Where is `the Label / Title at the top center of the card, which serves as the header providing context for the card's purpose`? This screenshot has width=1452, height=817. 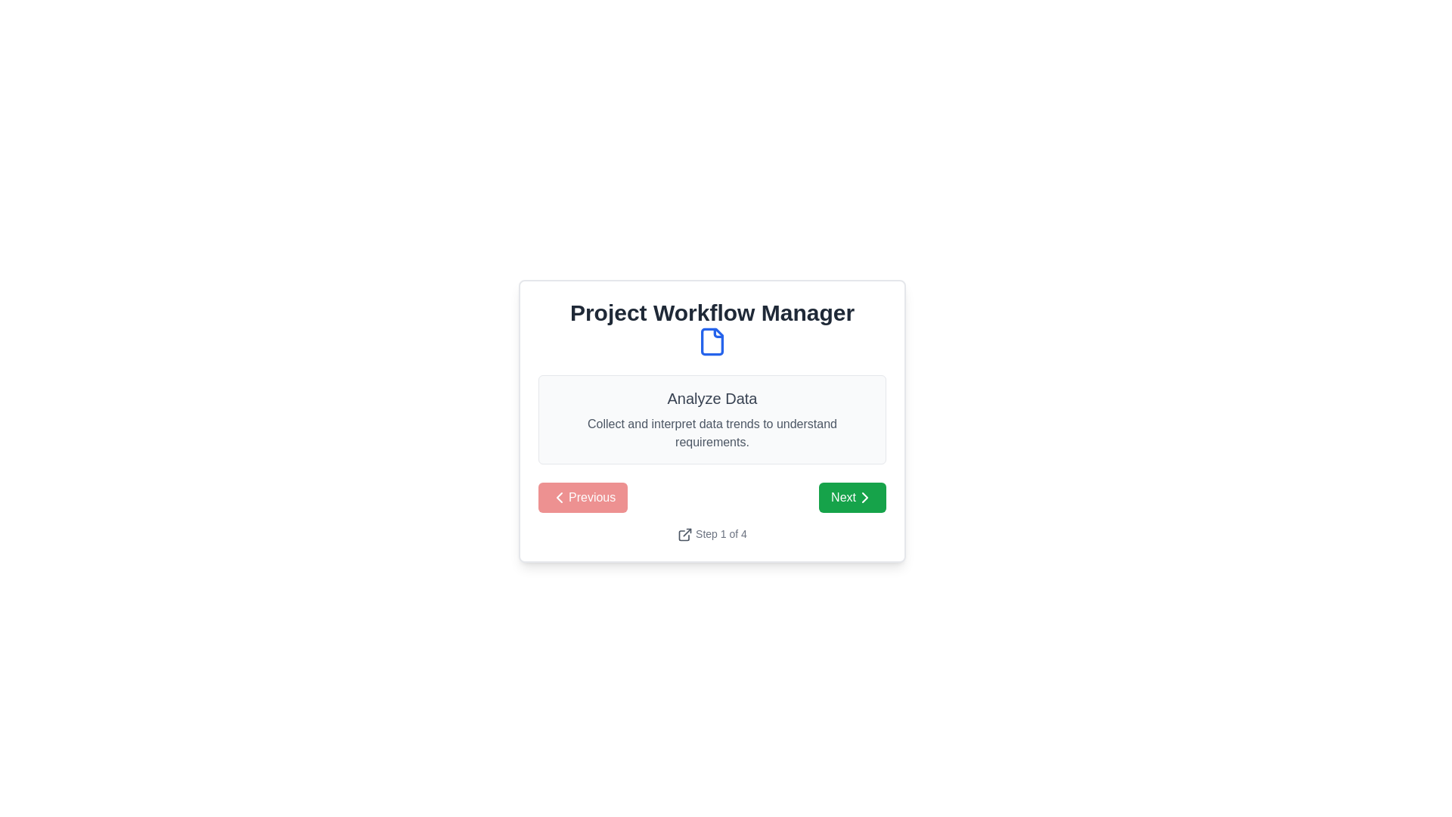
the Label / Title at the top center of the card, which serves as the header providing context for the card's purpose is located at coordinates (711, 328).